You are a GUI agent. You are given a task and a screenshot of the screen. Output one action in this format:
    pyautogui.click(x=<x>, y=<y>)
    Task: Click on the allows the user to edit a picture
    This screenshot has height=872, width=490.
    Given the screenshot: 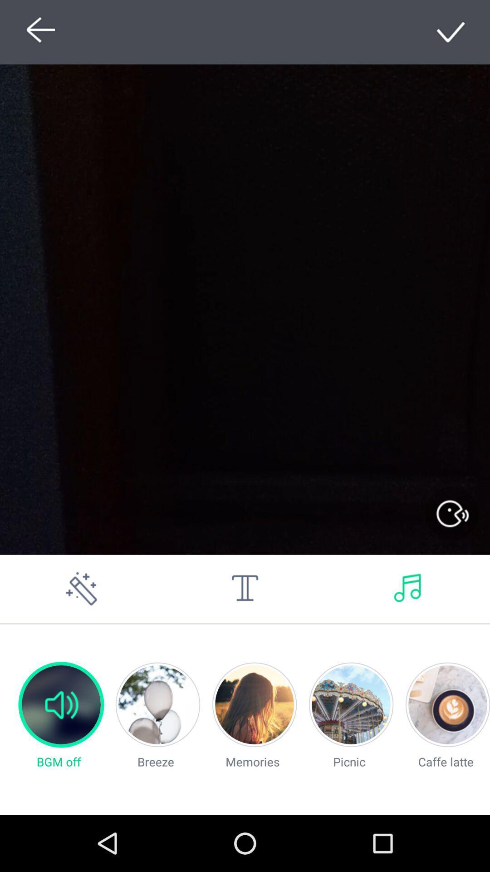 What is the action you would take?
    pyautogui.click(x=82, y=589)
    